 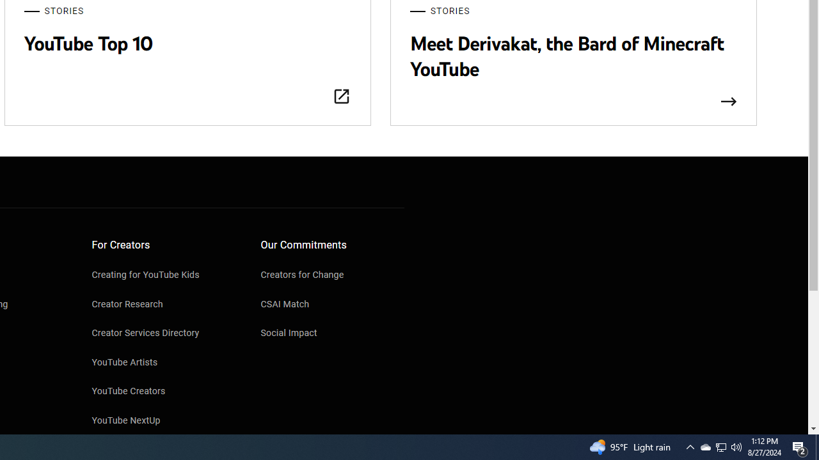 What do you see at coordinates (163, 392) in the screenshot?
I see `'YouTube Creators'` at bounding box center [163, 392].